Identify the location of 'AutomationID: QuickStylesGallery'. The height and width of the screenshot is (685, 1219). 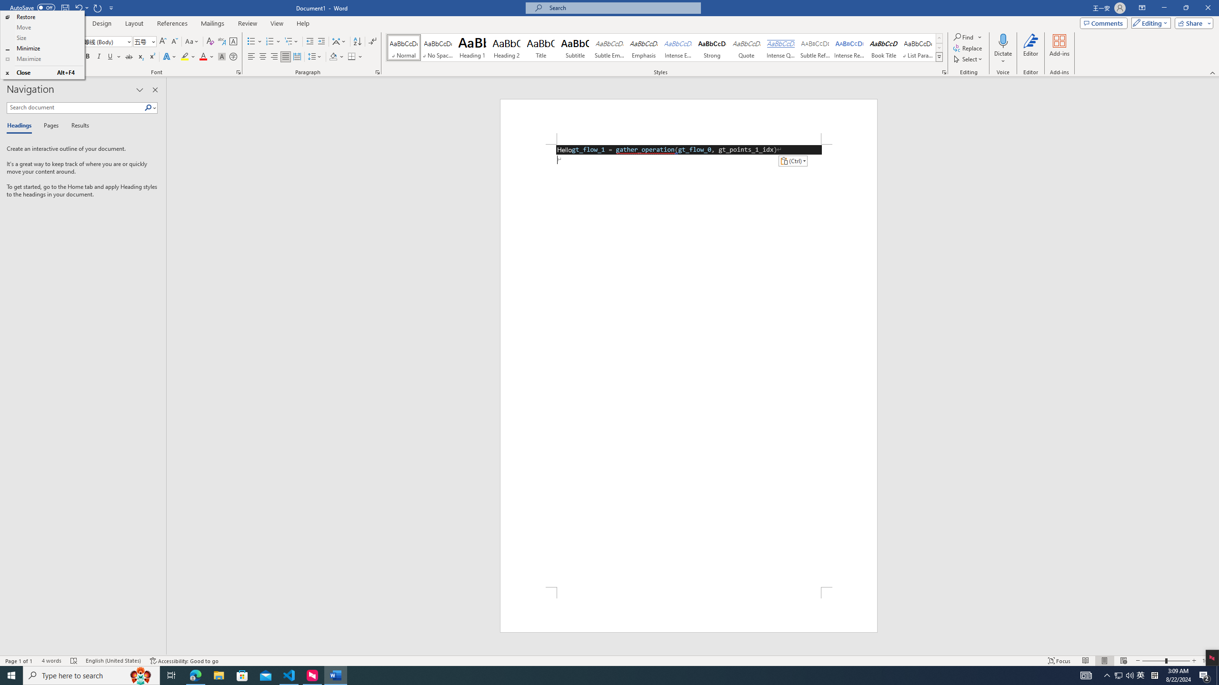
(664, 47).